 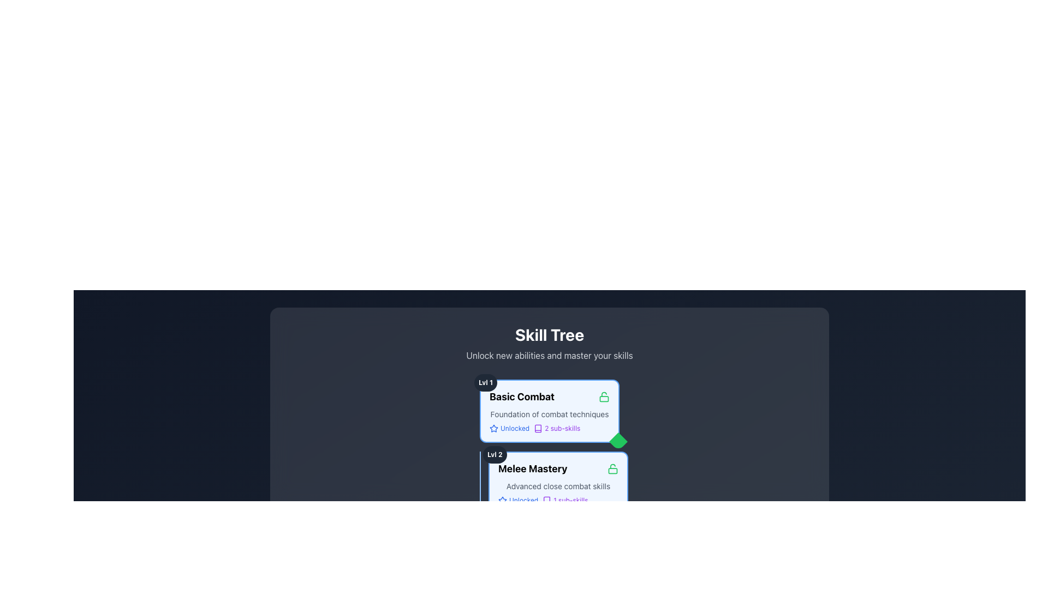 What do you see at coordinates (613, 470) in the screenshot?
I see `the decorative shape within the lock icon, which is part of the skill tree UI near 'Basic Combat' and 'Melee Mastery'` at bounding box center [613, 470].